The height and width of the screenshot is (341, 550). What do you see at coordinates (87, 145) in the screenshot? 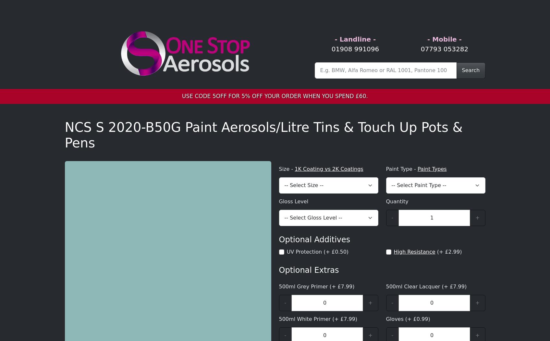
I see `'.'` at bounding box center [87, 145].